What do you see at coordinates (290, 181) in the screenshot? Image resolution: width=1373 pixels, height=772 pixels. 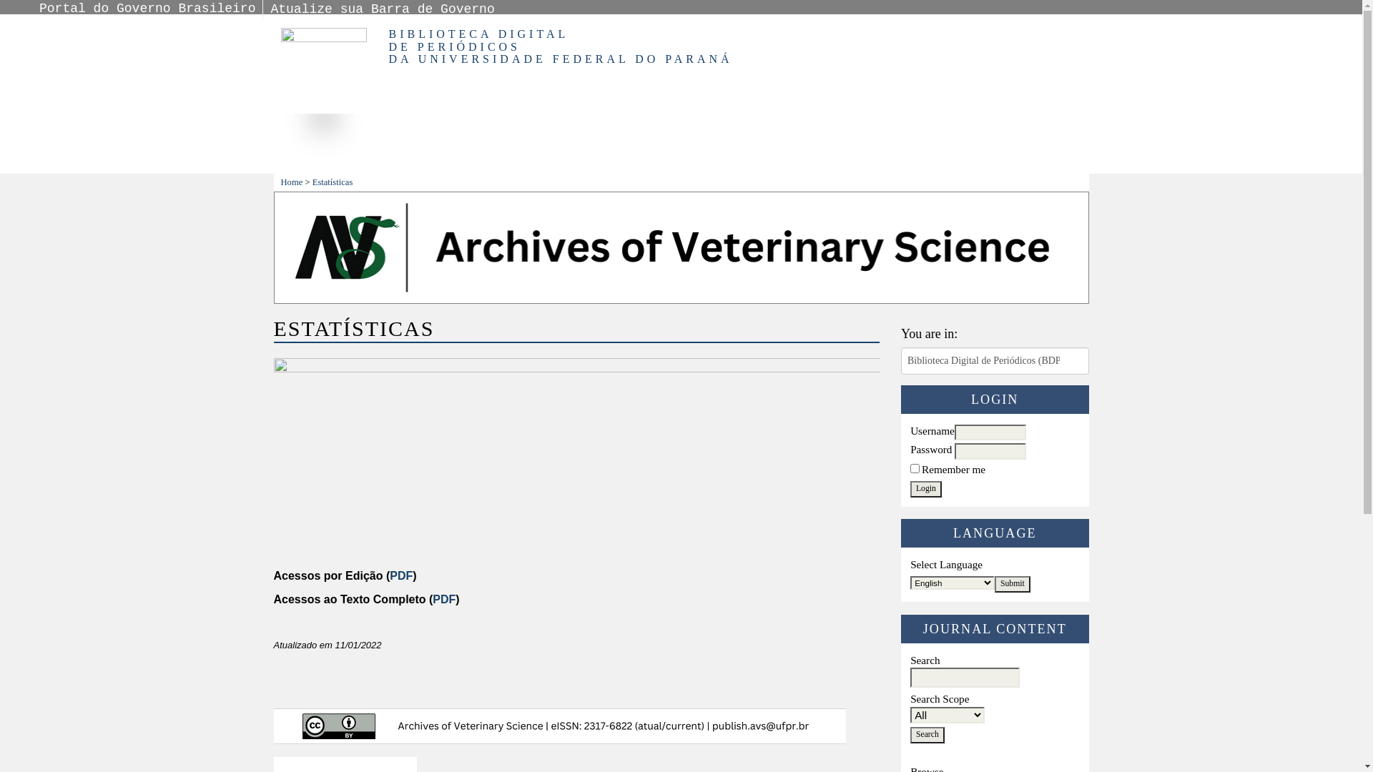 I see `'Home'` at bounding box center [290, 181].